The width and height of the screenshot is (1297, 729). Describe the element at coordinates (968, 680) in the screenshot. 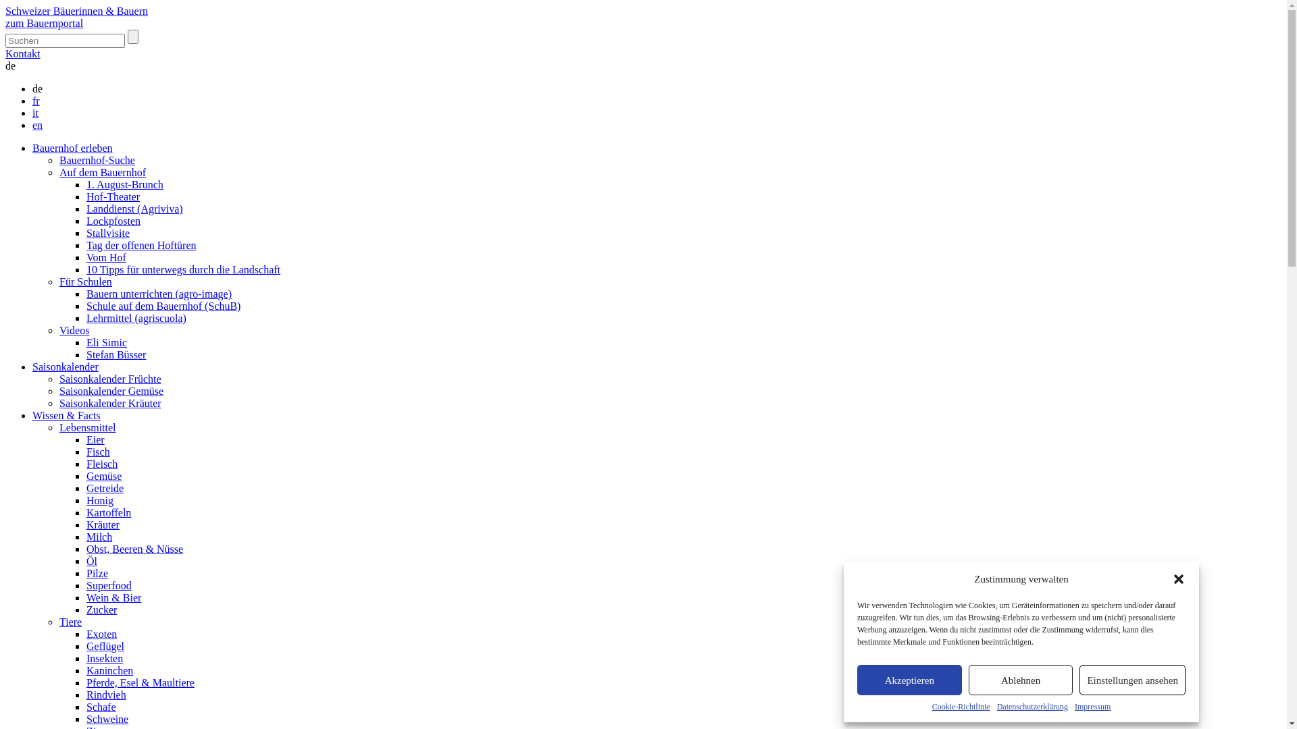

I see `'Ablehnen'` at that location.